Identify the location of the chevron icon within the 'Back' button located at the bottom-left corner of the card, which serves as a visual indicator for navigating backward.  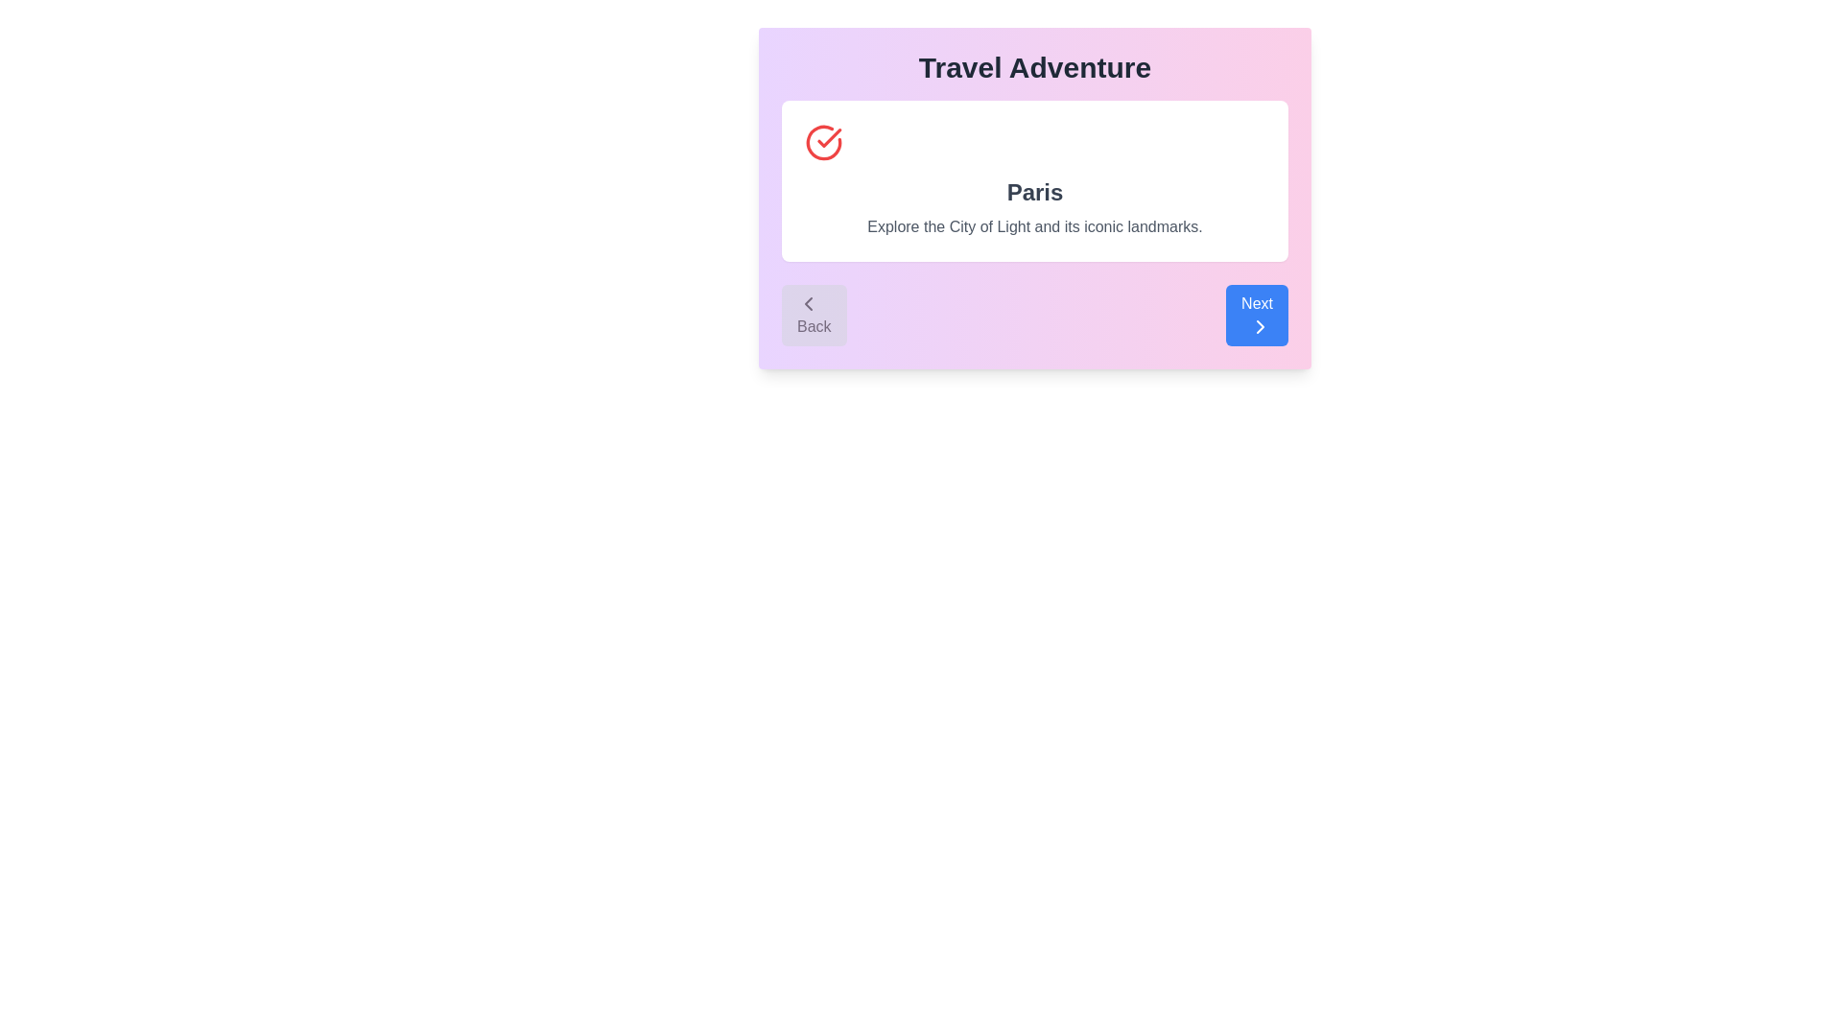
(809, 302).